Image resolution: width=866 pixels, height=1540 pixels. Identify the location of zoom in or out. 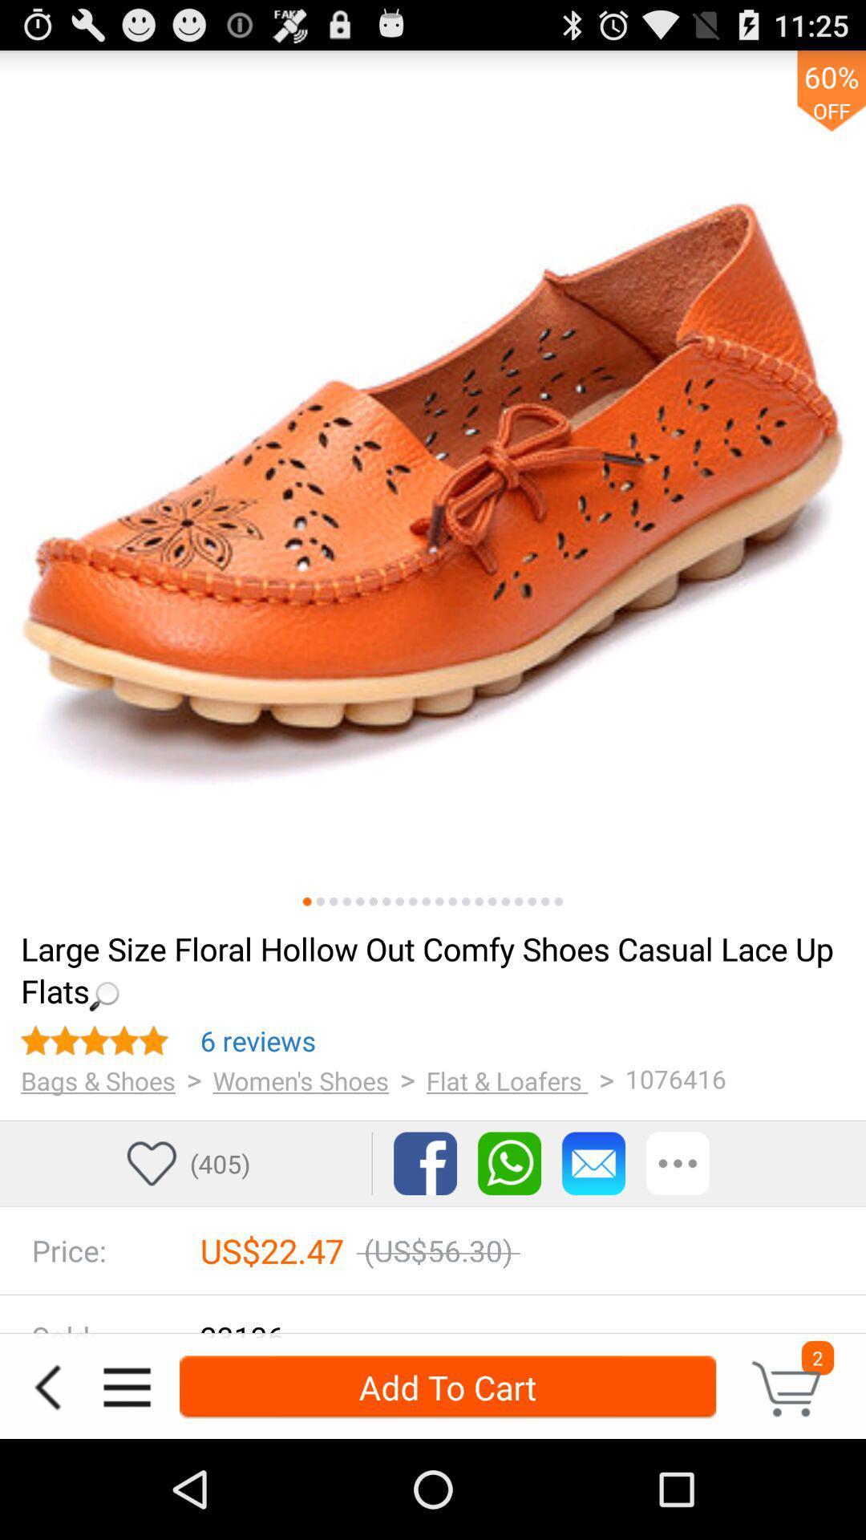
(320, 902).